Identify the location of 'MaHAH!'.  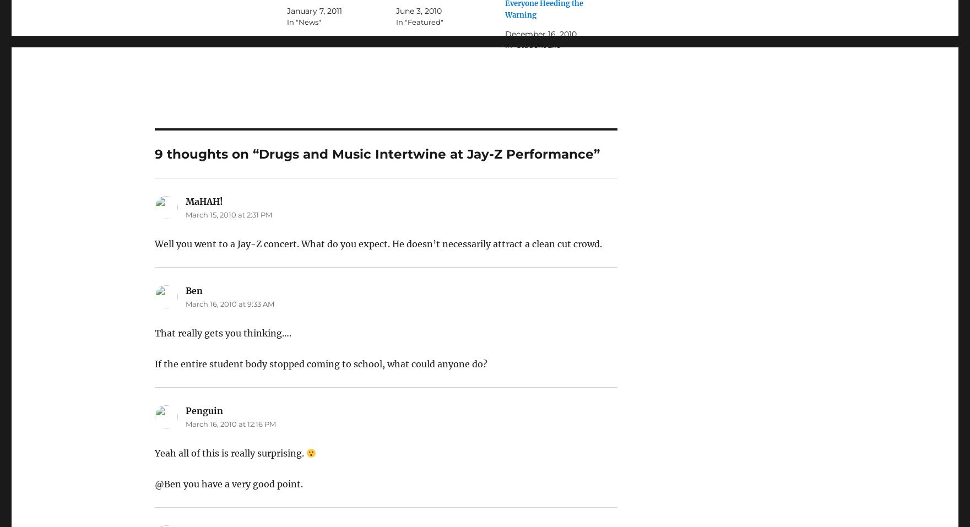
(203, 201).